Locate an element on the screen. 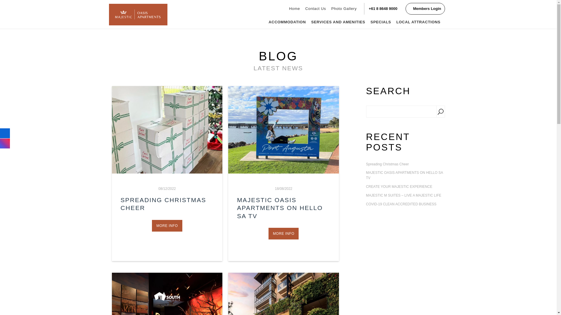 This screenshot has width=561, height=315. 'Members Login' is located at coordinates (425, 9).